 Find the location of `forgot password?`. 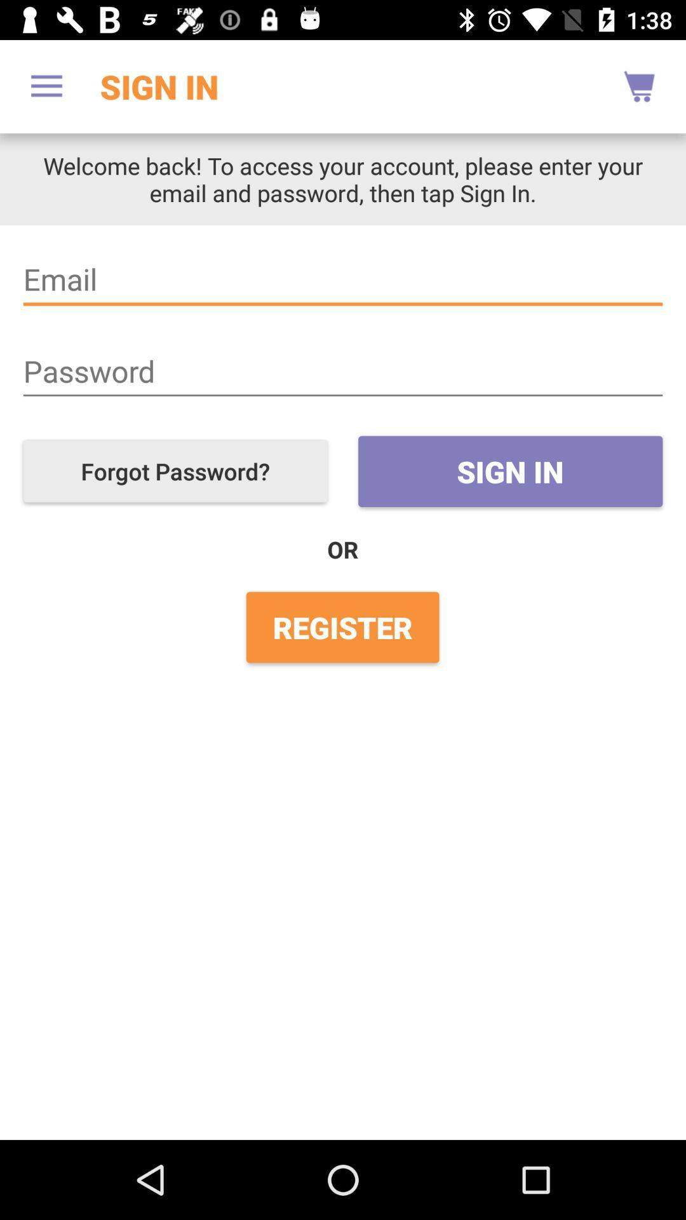

forgot password? is located at coordinates (175, 470).